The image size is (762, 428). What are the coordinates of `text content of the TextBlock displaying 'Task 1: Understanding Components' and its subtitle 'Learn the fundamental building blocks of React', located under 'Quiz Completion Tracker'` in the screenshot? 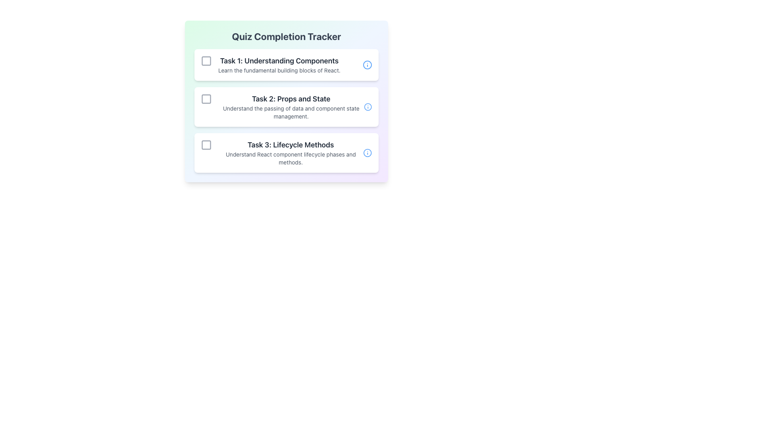 It's located at (279, 65).